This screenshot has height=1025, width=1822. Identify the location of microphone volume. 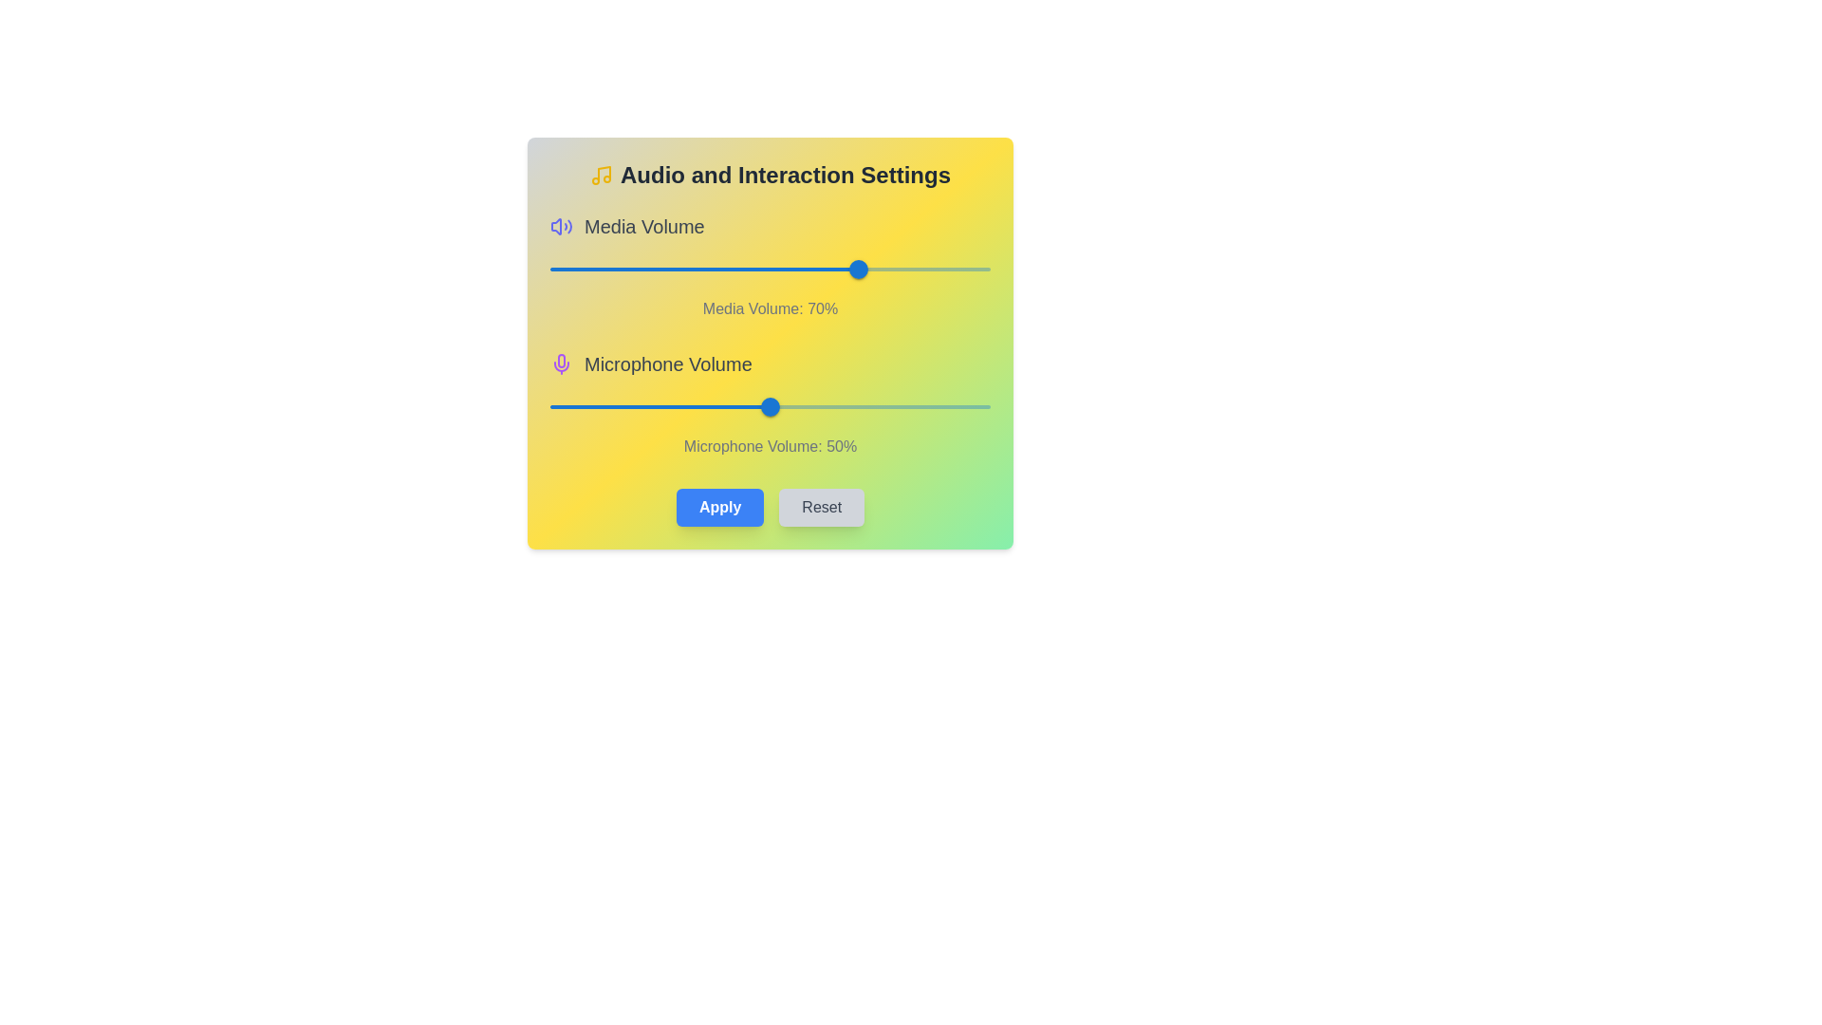
(802, 405).